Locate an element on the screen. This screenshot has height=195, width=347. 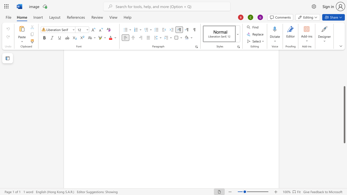
the scrollbar on the right to shift the page higher is located at coordinates (344, 64).